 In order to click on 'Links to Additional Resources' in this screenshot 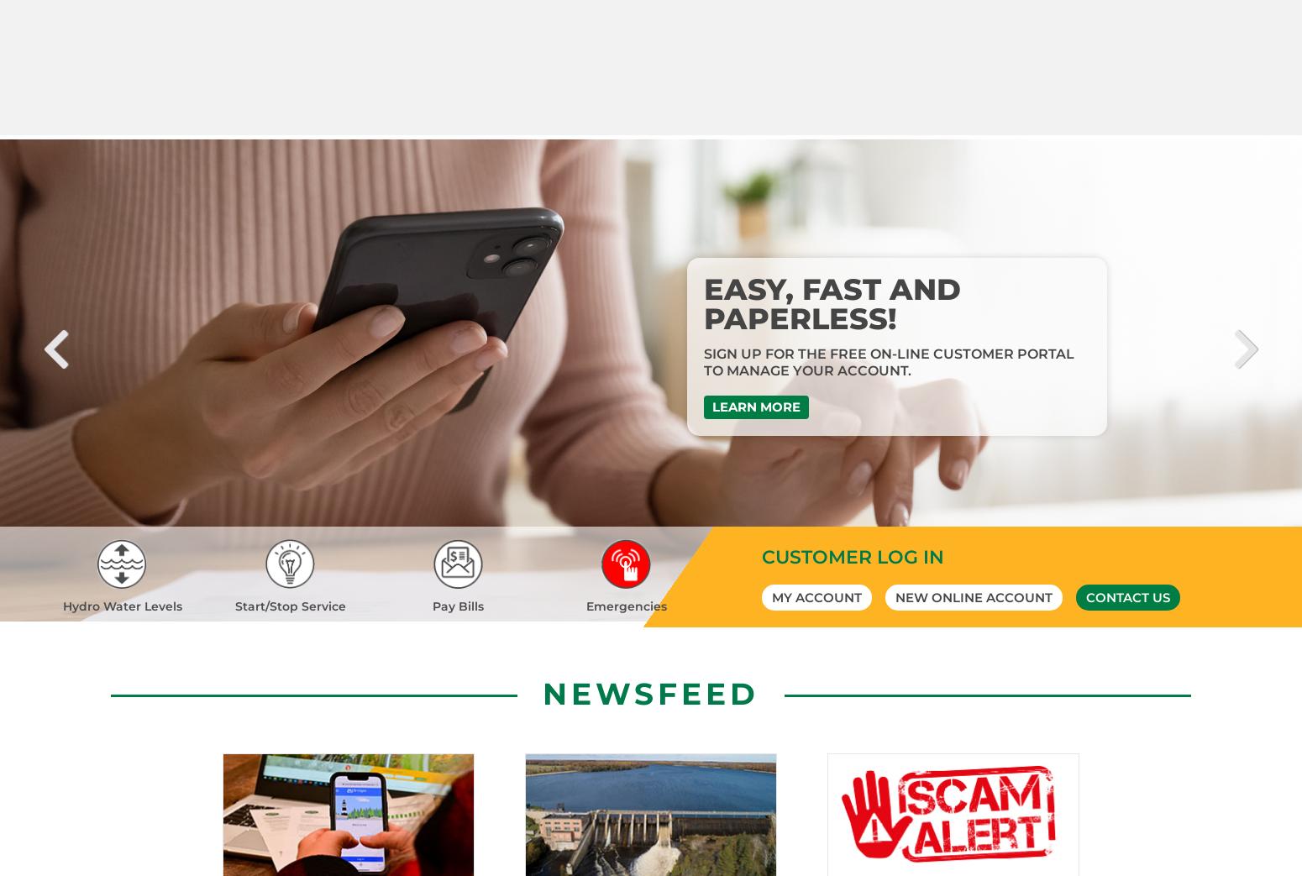, I will do `click(171, 868)`.